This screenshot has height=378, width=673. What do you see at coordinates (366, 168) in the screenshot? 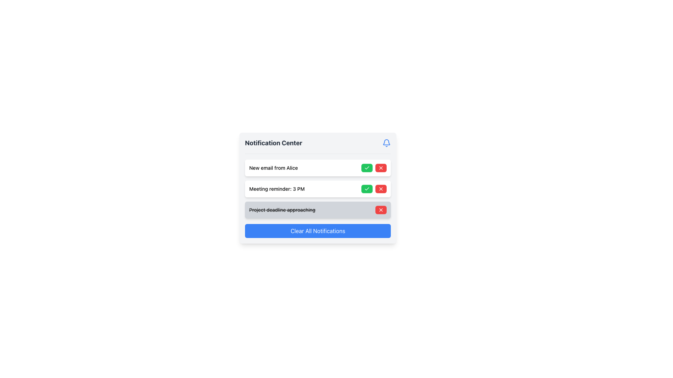
I see `the green circular checkmark button to confirm the notification from 'New email from Alice'` at bounding box center [366, 168].